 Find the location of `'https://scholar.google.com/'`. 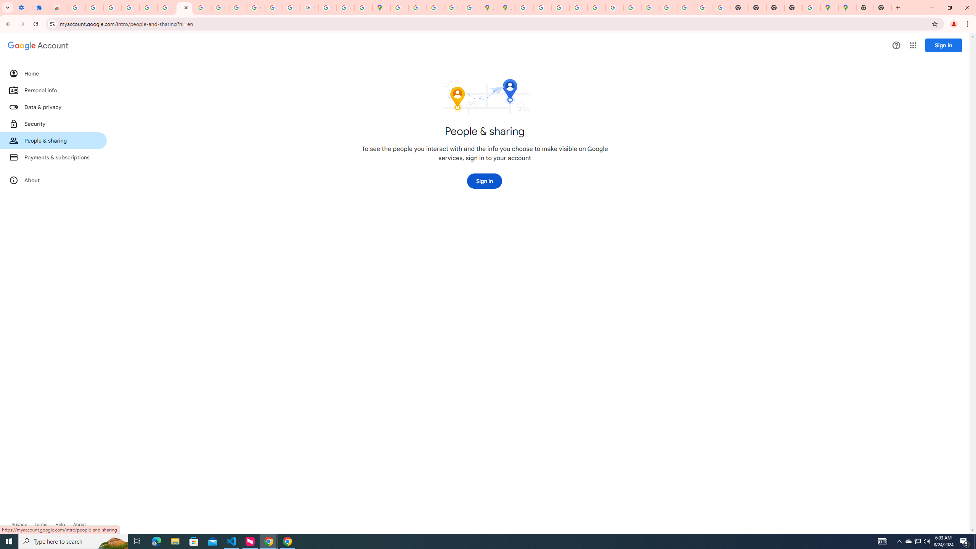

'https://scholar.google.com/' is located at coordinates (238, 7).